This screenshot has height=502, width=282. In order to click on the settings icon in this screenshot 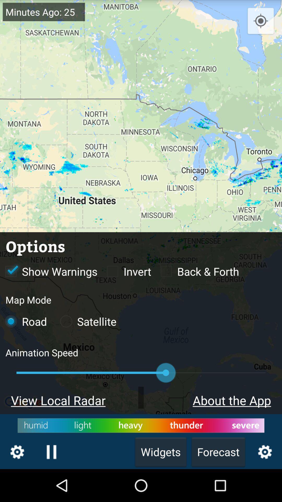, I will do `click(17, 483)`.